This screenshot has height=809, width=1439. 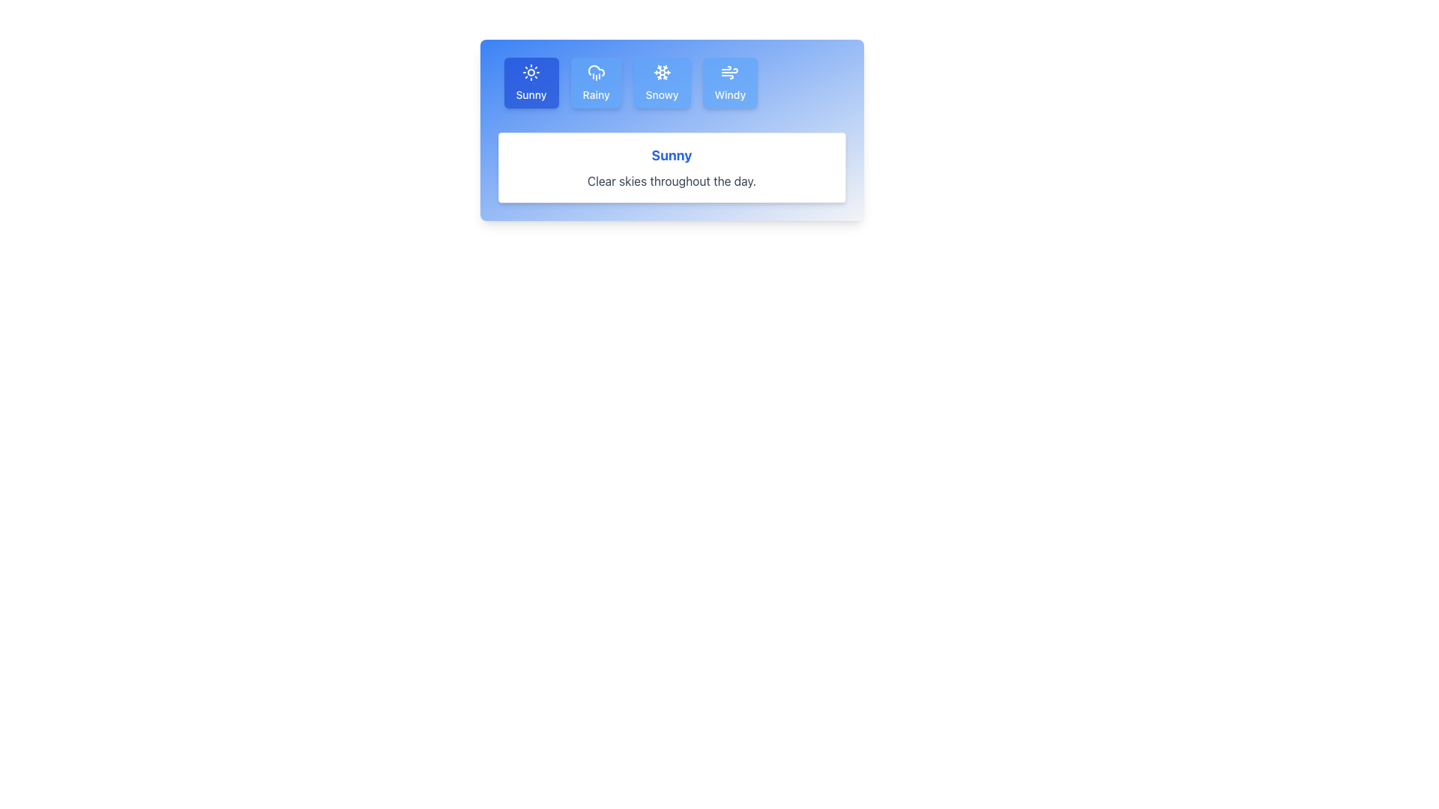 What do you see at coordinates (595, 70) in the screenshot?
I see `'Rainy' weather condition icon, which is the second button in the row of weather condition buttons at the top` at bounding box center [595, 70].